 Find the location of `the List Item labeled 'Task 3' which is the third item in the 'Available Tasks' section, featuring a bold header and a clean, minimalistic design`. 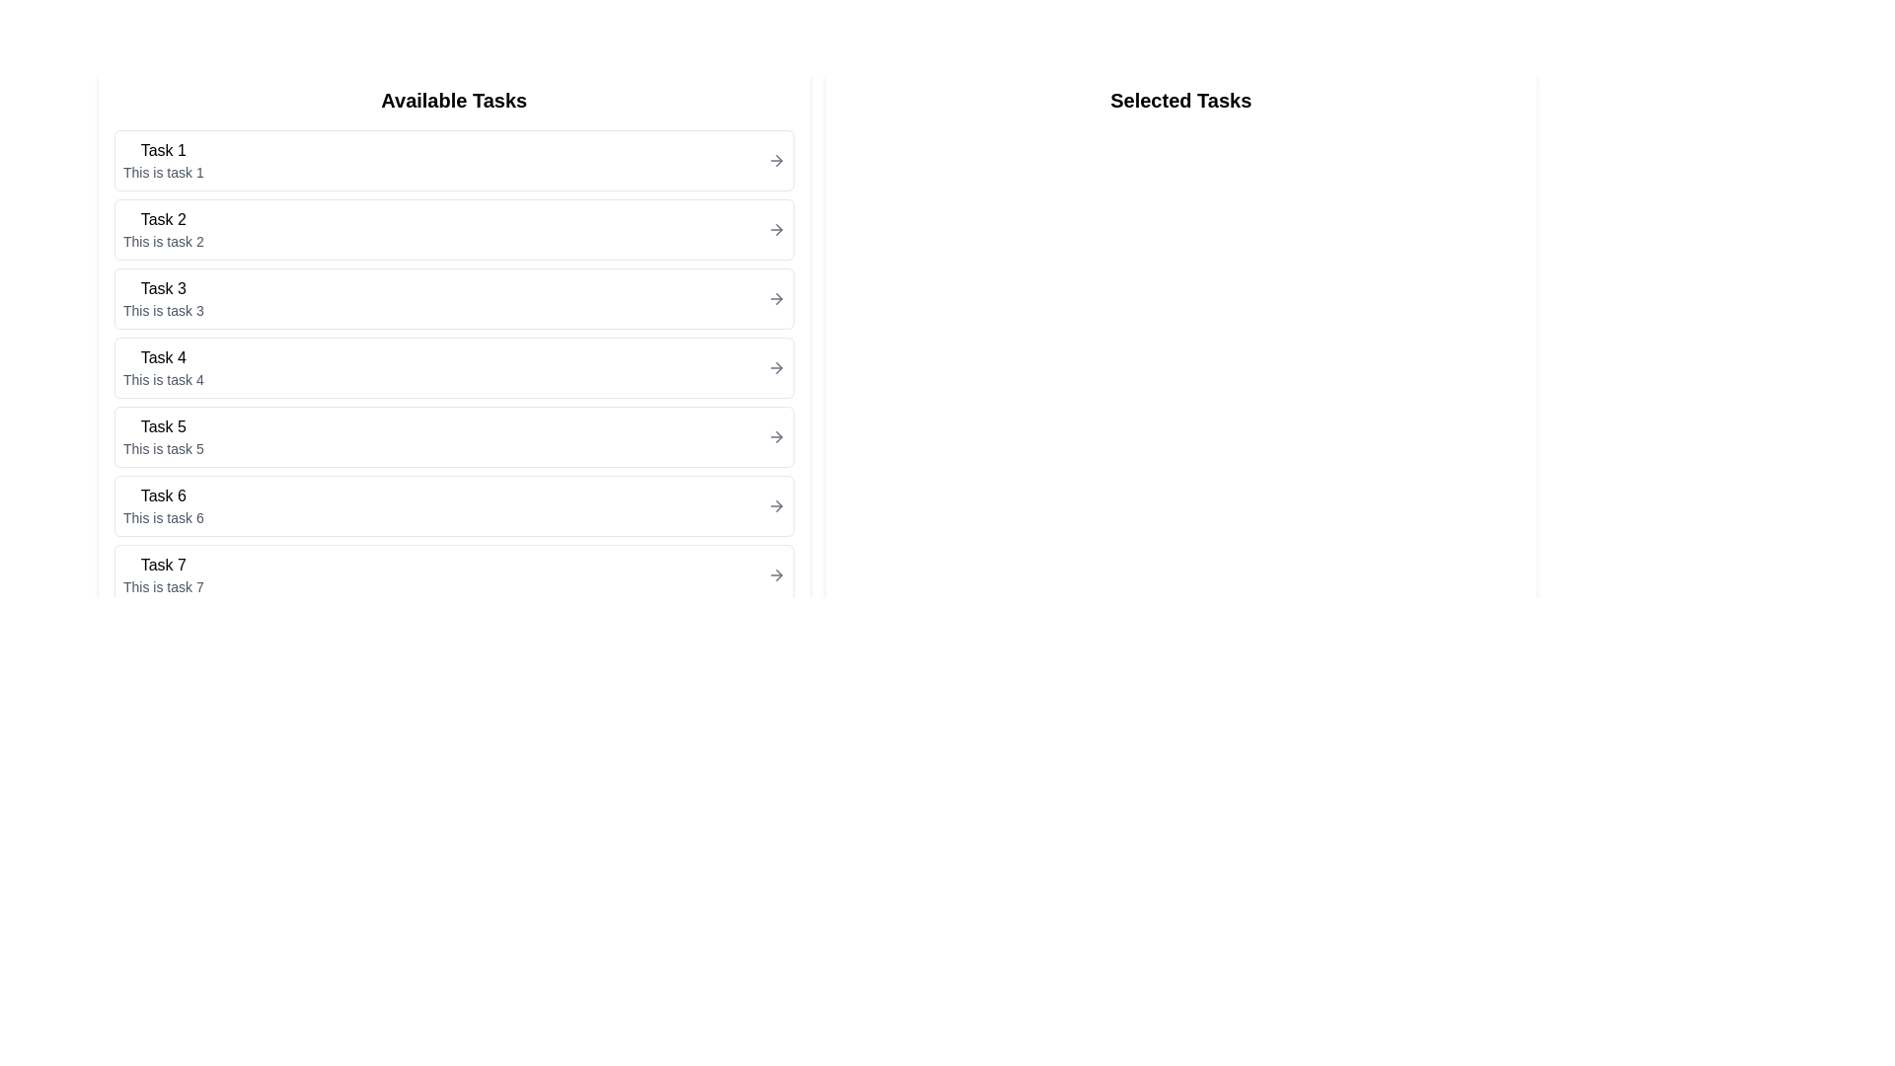

the List Item labeled 'Task 3' which is the third item in the 'Available Tasks' section, featuring a bold header and a clean, minimalistic design is located at coordinates (163, 299).